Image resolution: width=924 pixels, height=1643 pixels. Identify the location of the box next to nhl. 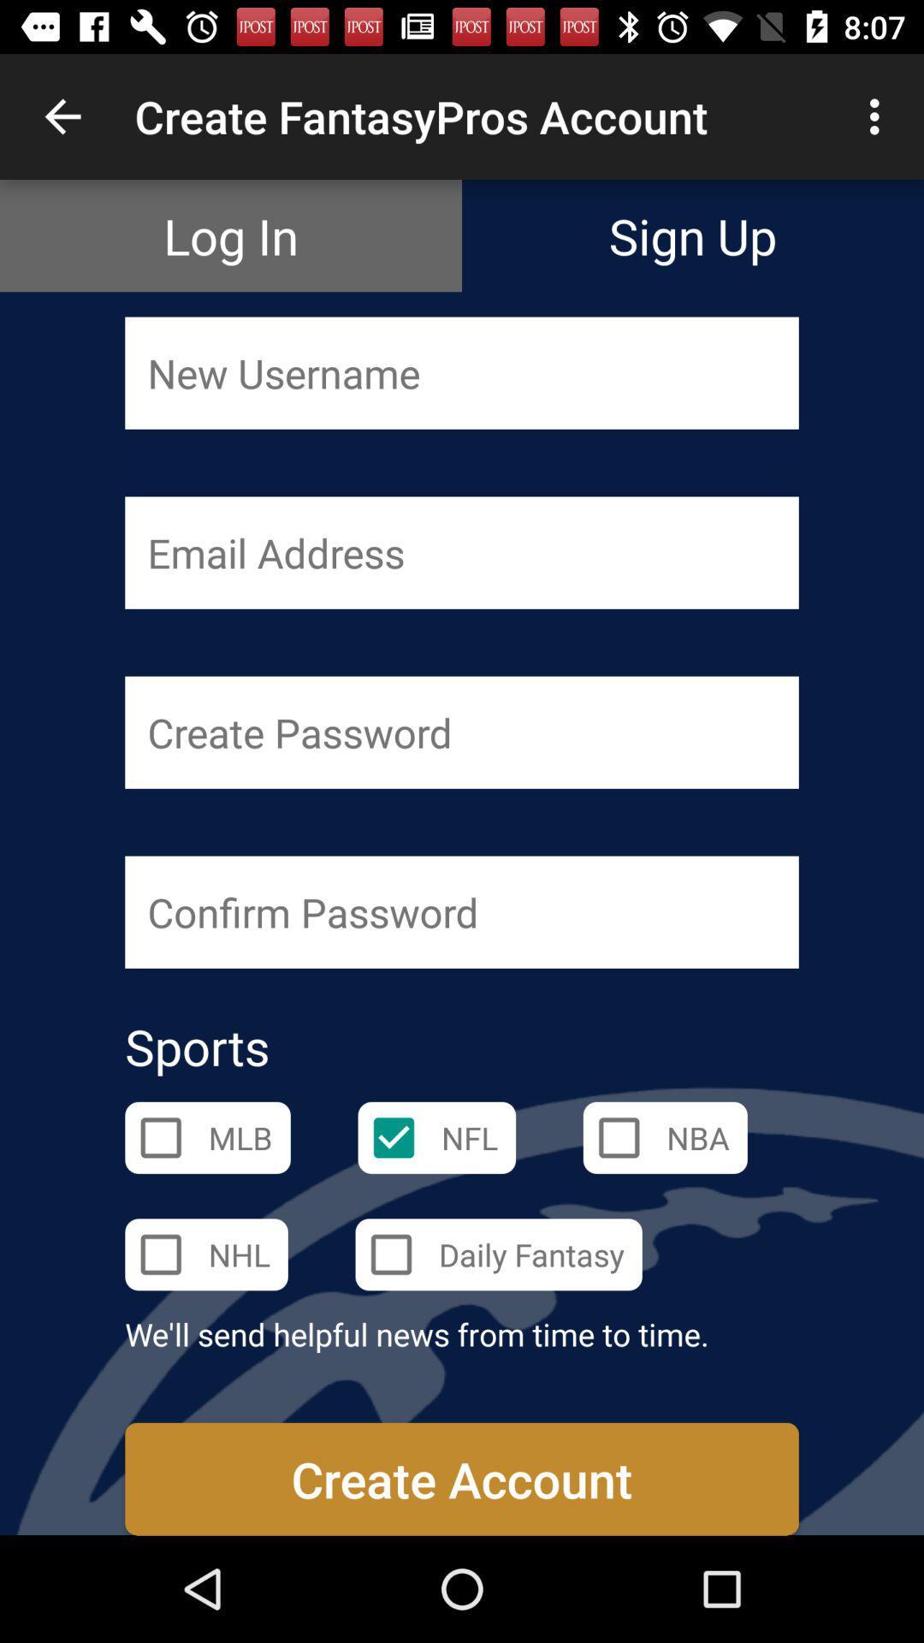
(161, 1254).